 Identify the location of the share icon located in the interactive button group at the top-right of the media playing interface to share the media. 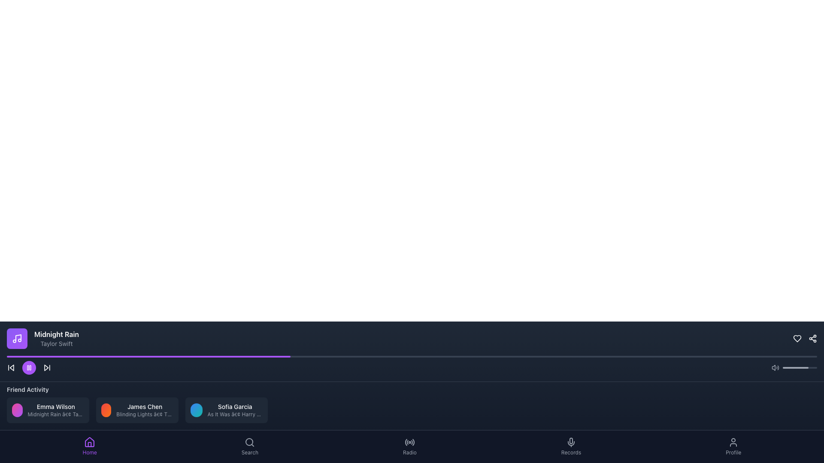
(805, 338).